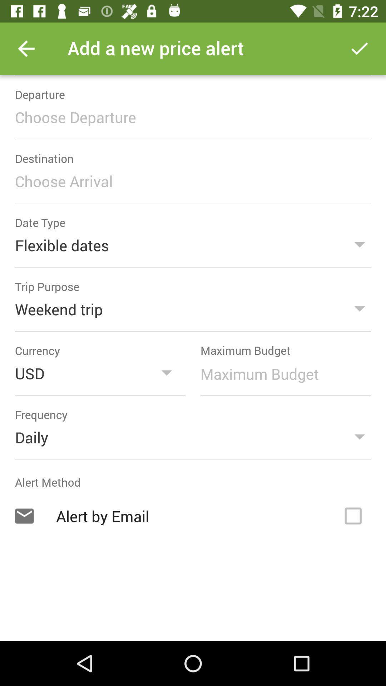 This screenshot has width=386, height=686. Describe the element at coordinates (26, 48) in the screenshot. I see `previous page` at that location.